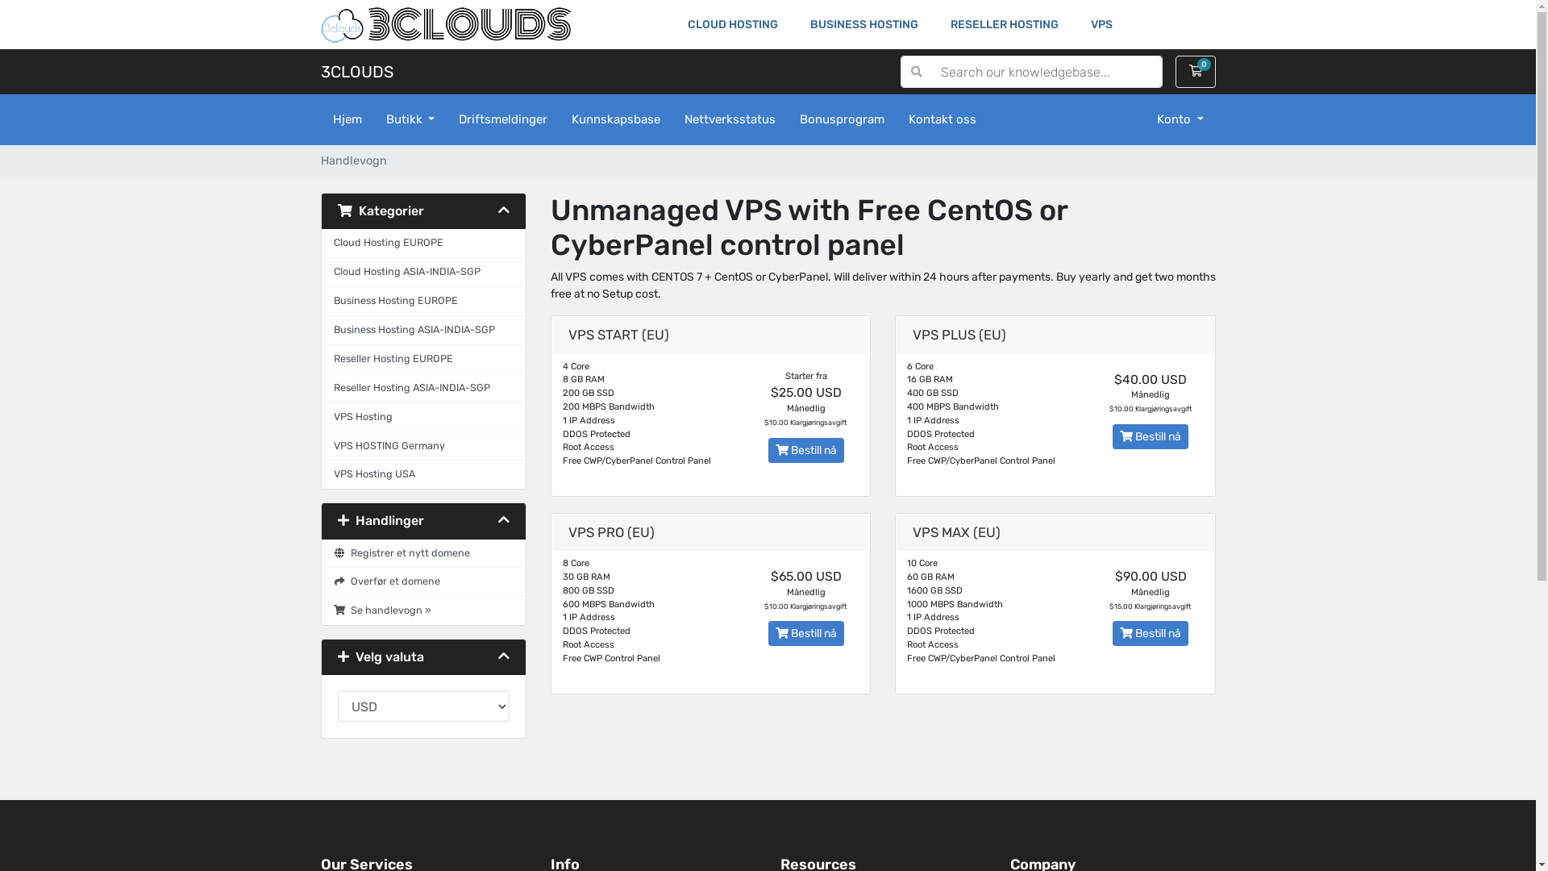 The image size is (1548, 871). What do you see at coordinates (422, 389) in the screenshot?
I see `'Reseller Hosting ASIA-INDIA-SGP'` at bounding box center [422, 389].